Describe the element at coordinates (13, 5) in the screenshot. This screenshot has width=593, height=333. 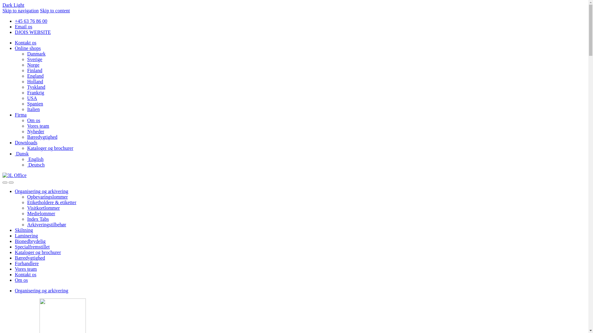
I see `'Light'` at that location.